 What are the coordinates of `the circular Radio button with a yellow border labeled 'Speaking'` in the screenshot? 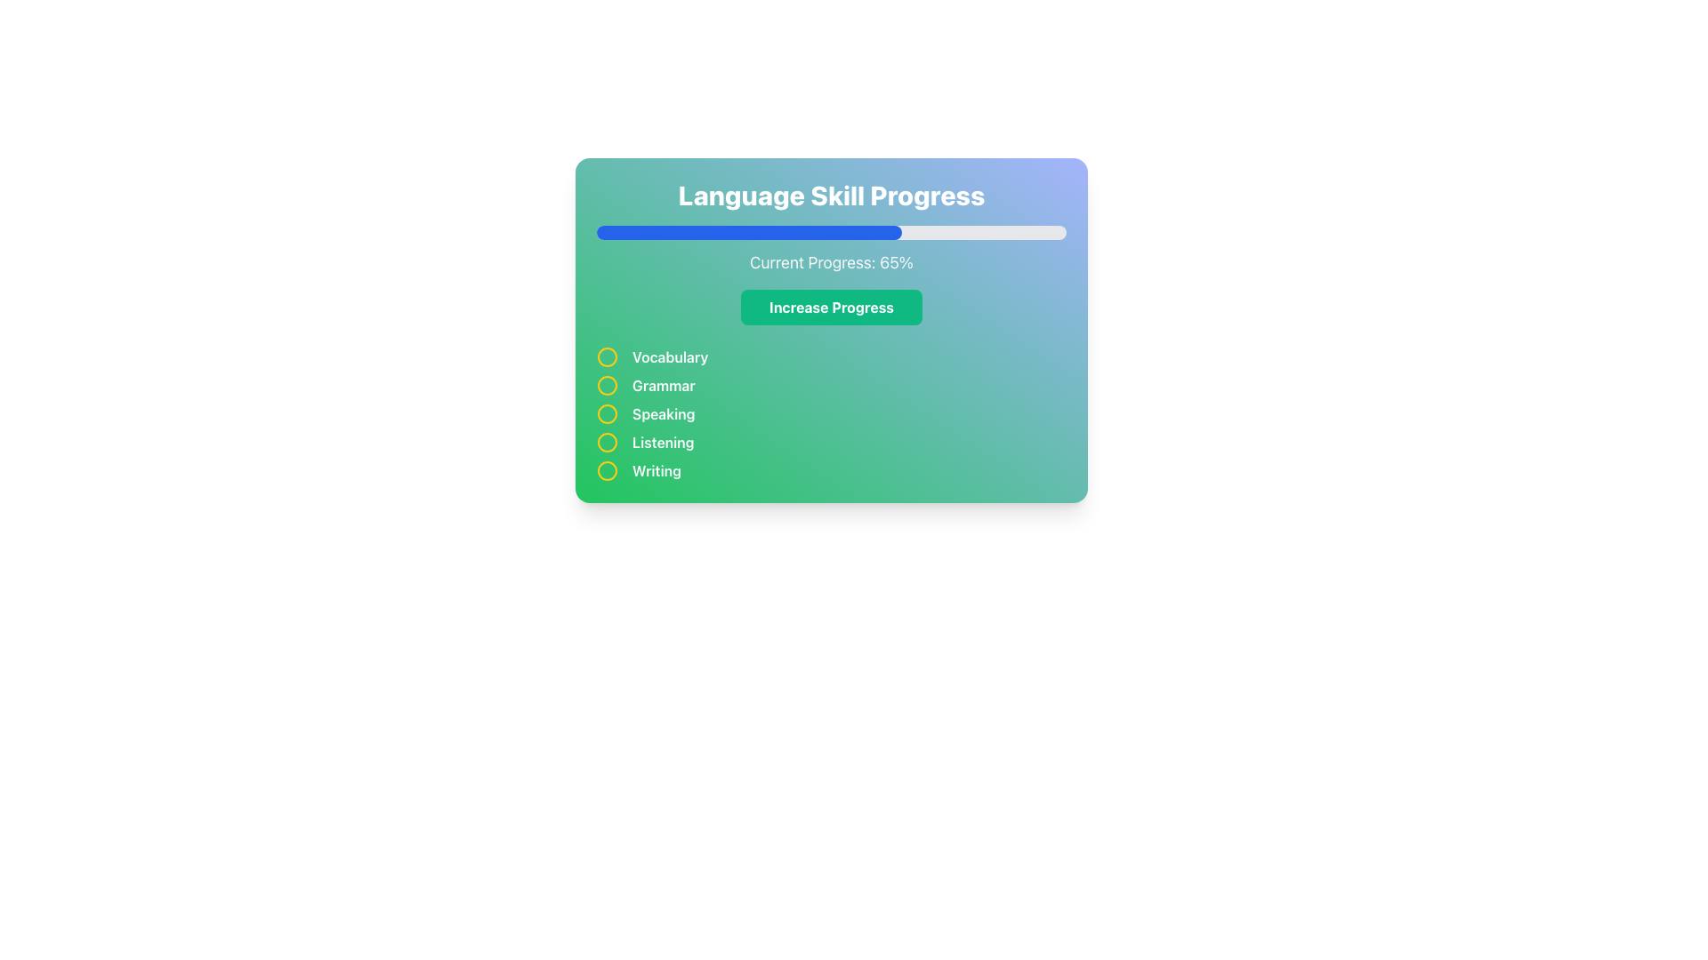 It's located at (607, 414).